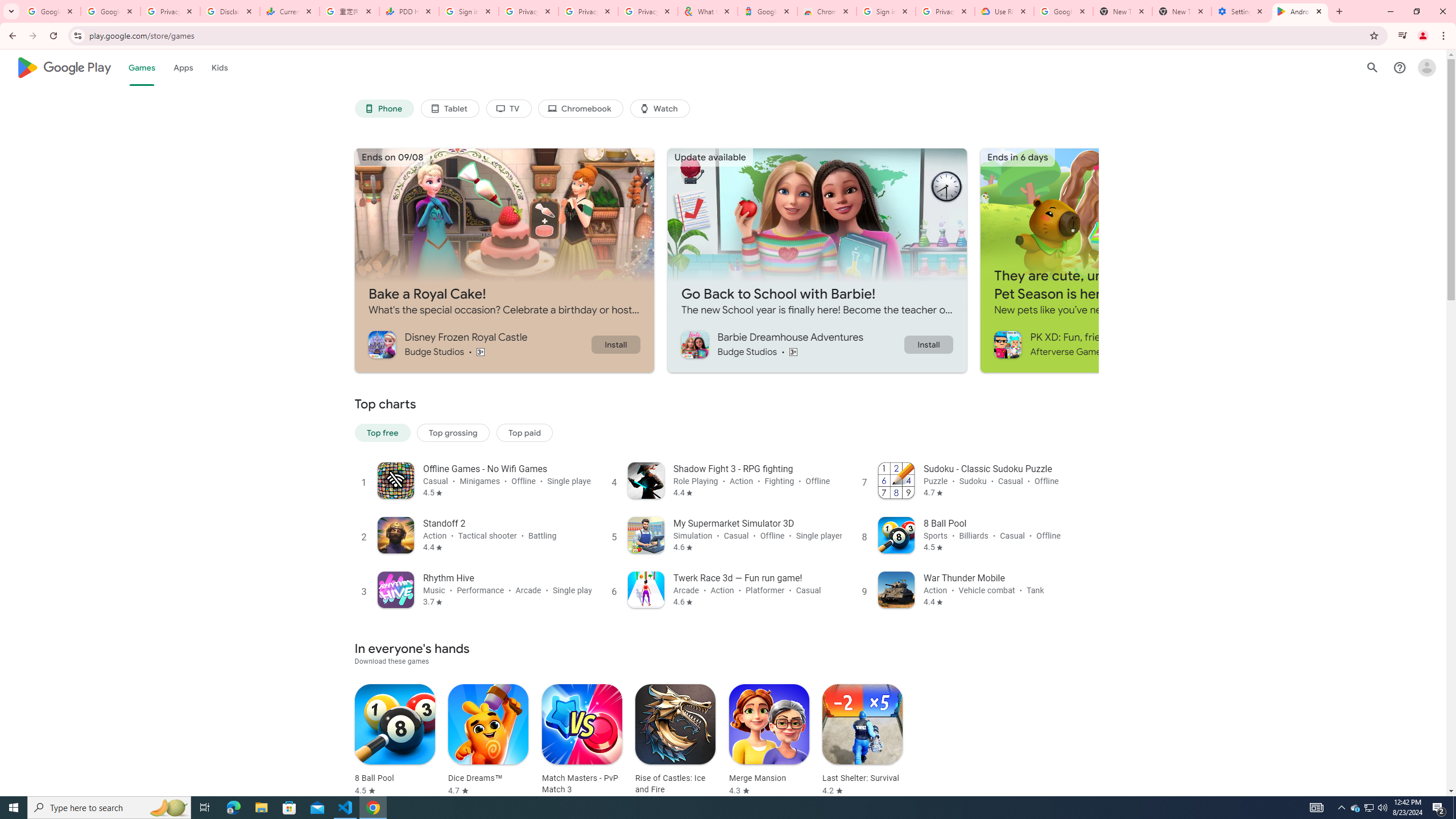 The width and height of the screenshot is (1456, 819). Describe the element at coordinates (1300, 11) in the screenshot. I see `'Android Apps on Google Play'` at that location.